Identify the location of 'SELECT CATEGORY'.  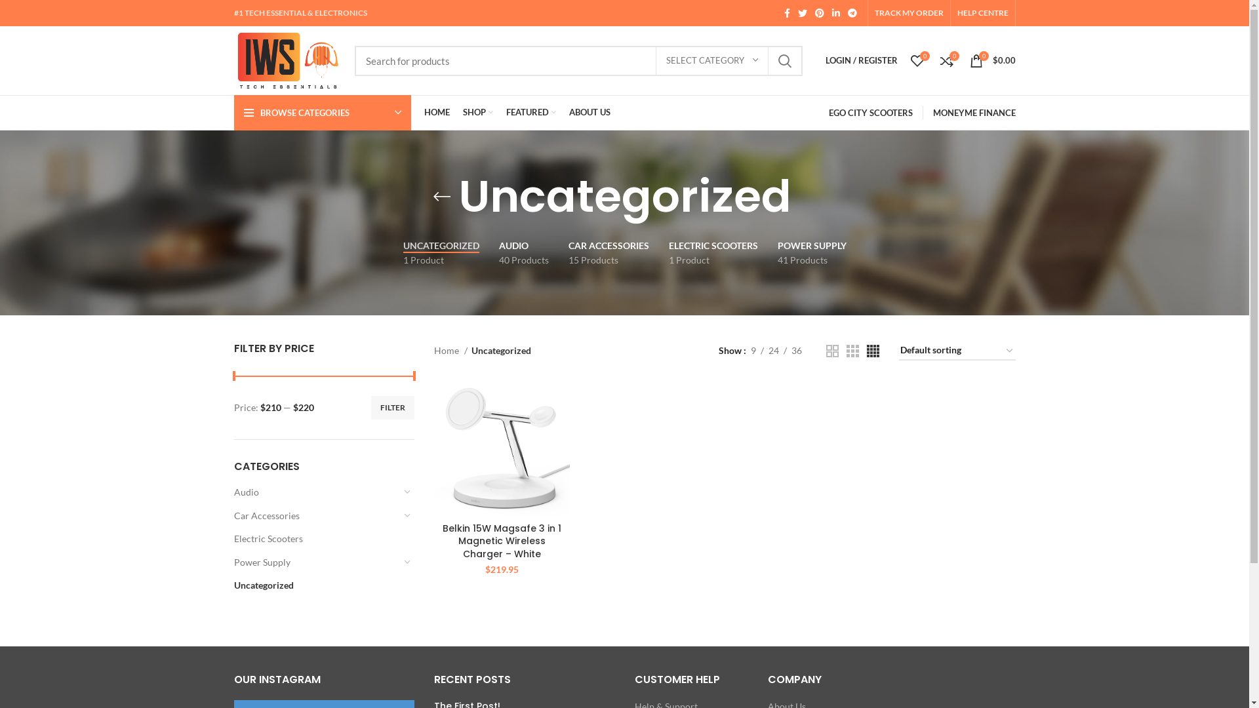
(655, 60).